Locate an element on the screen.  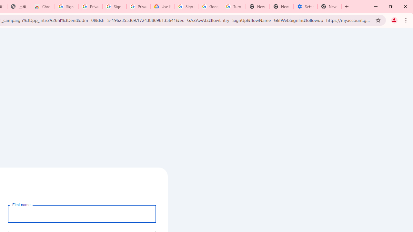
'Sign in - Google Accounts' is located at coordinates (67, 6).